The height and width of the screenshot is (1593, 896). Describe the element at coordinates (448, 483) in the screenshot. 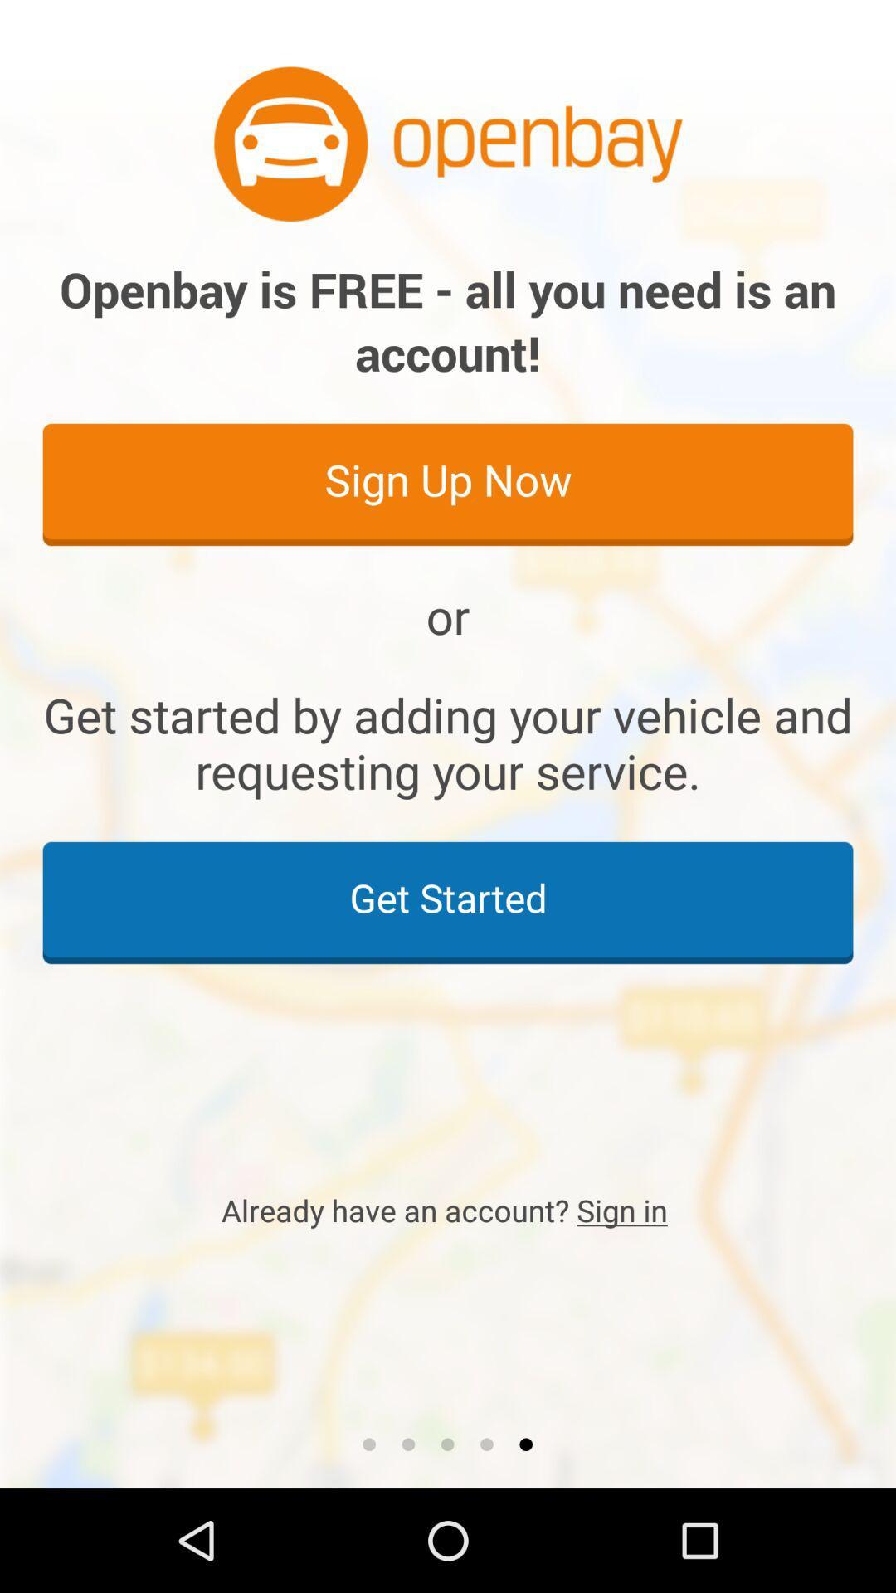

I see `sign up now icon` at that location.